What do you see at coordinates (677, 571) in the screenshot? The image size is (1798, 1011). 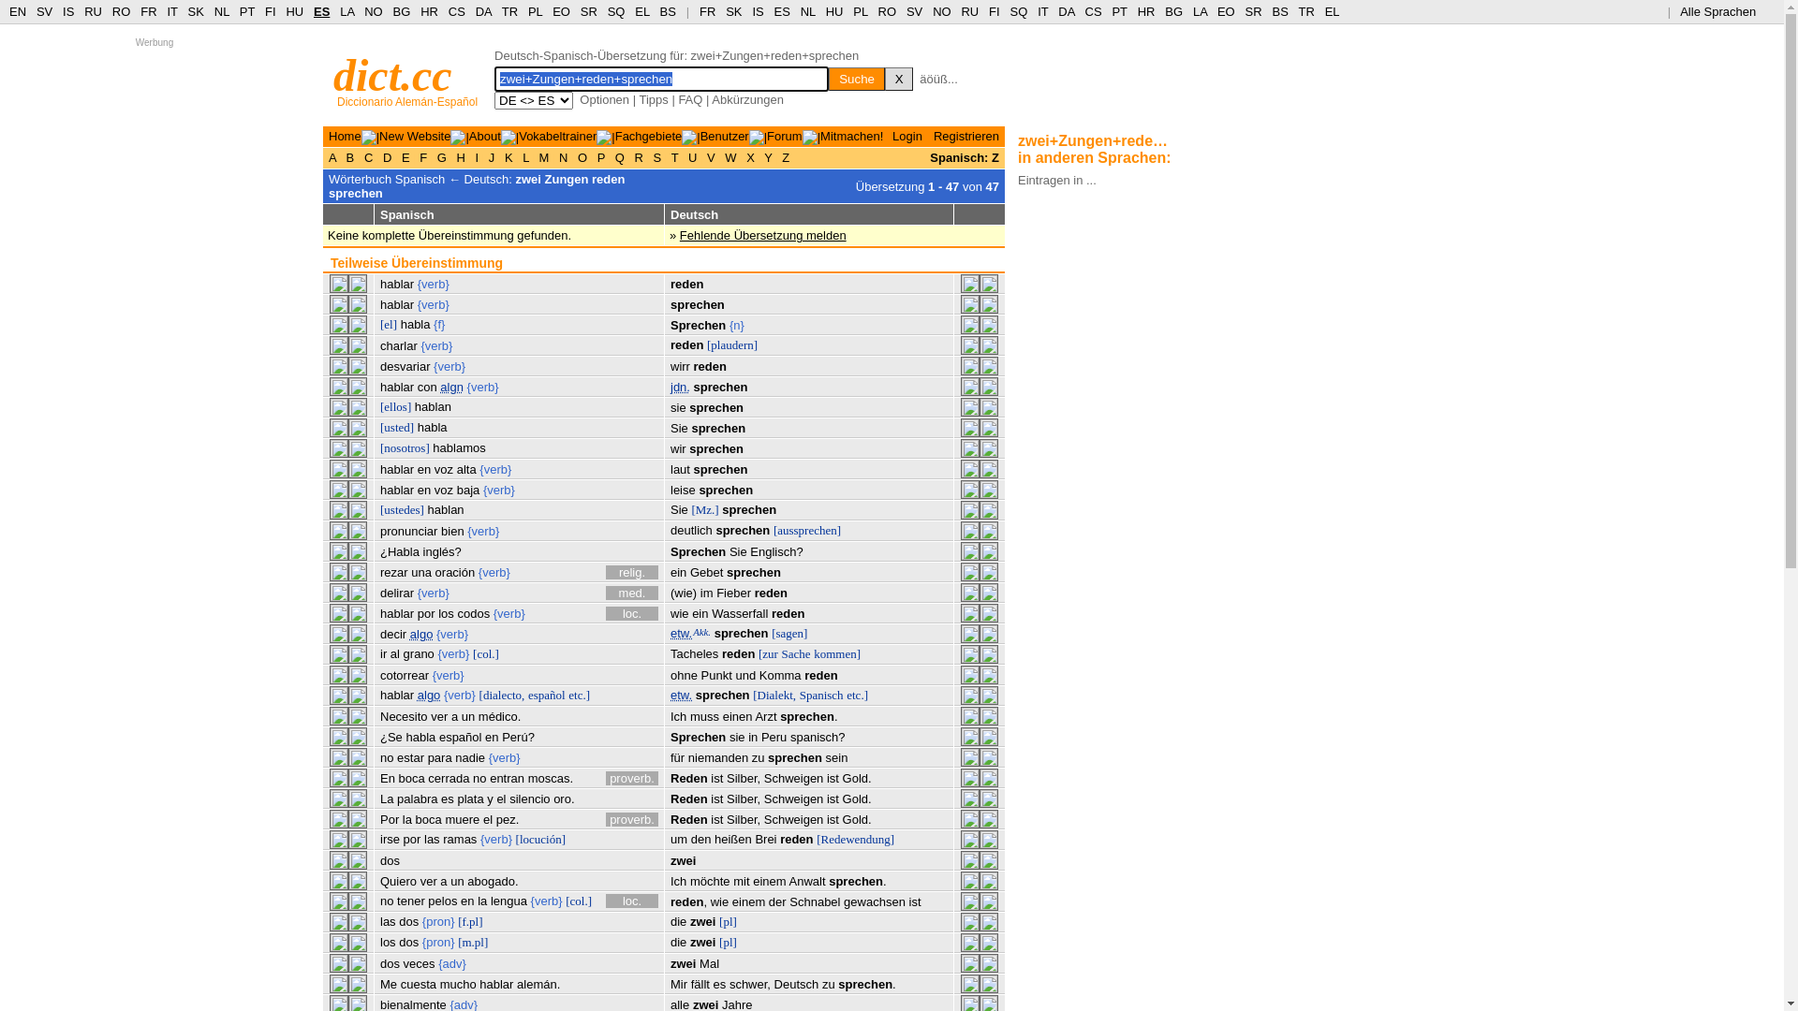 I see `'ein'` at bounding box center [677, 571].